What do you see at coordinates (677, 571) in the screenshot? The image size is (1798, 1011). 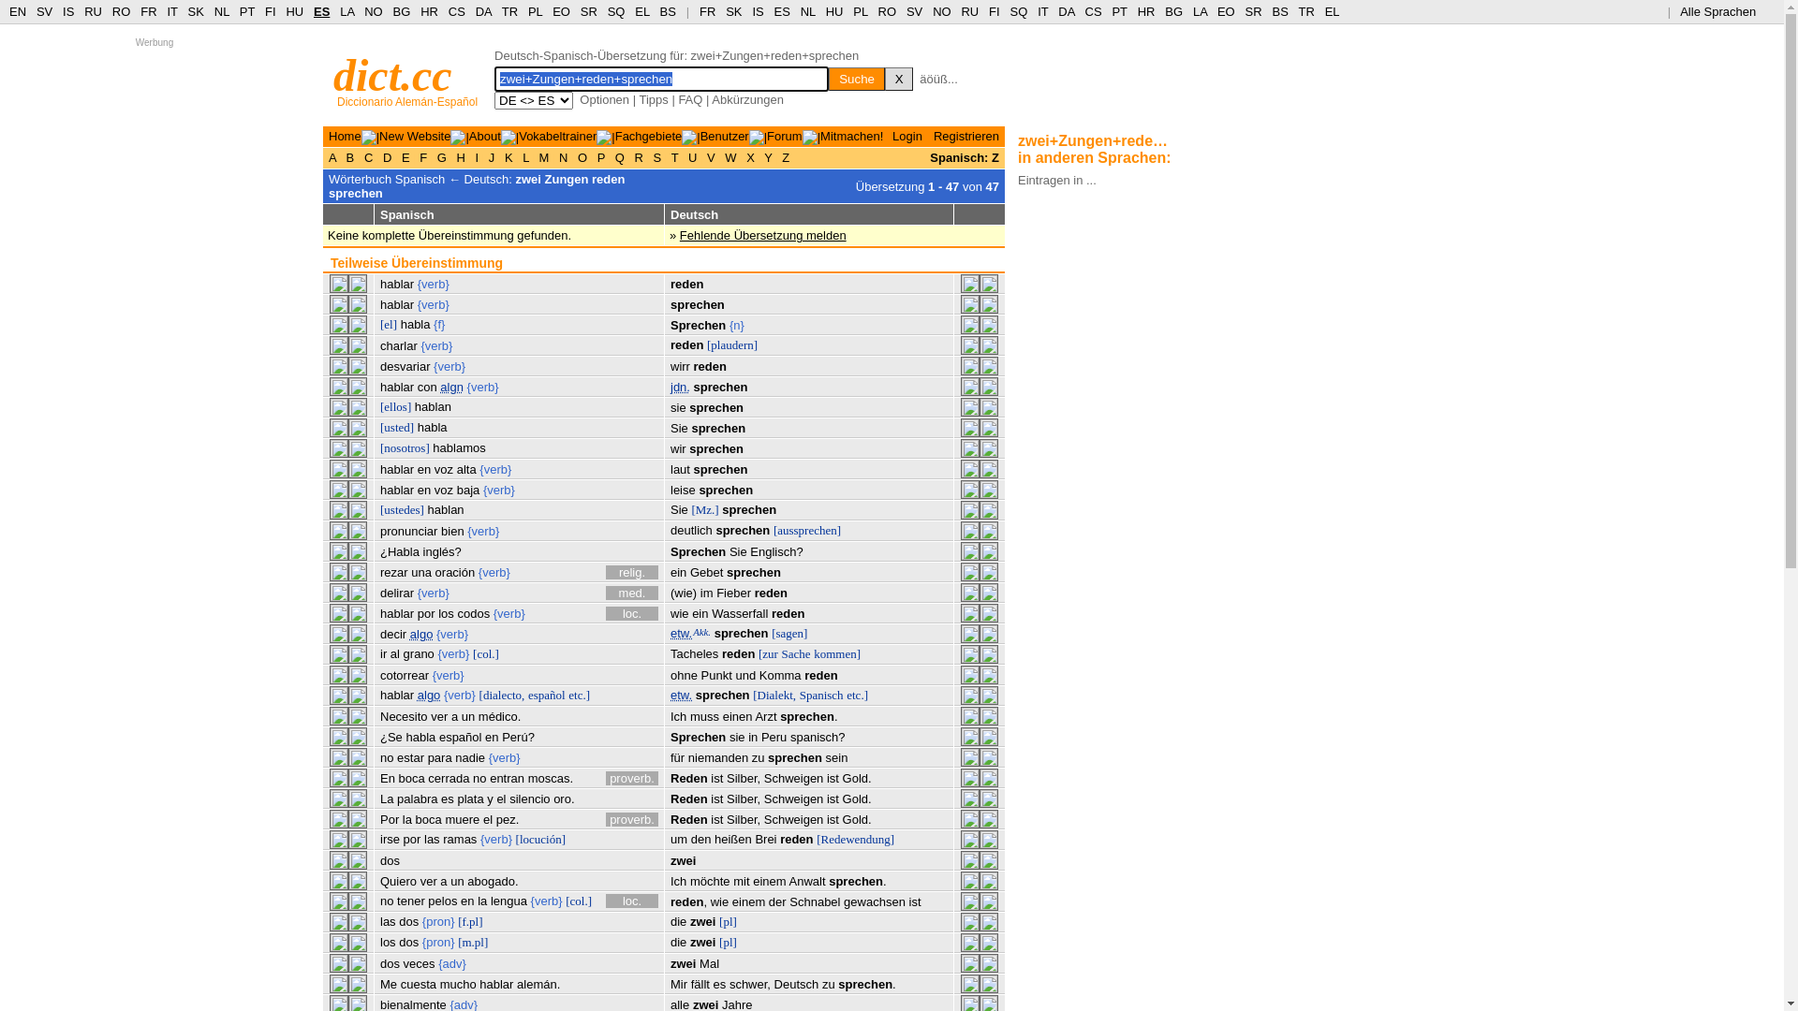 I see `'ein'` at bounding box center [677, 571].